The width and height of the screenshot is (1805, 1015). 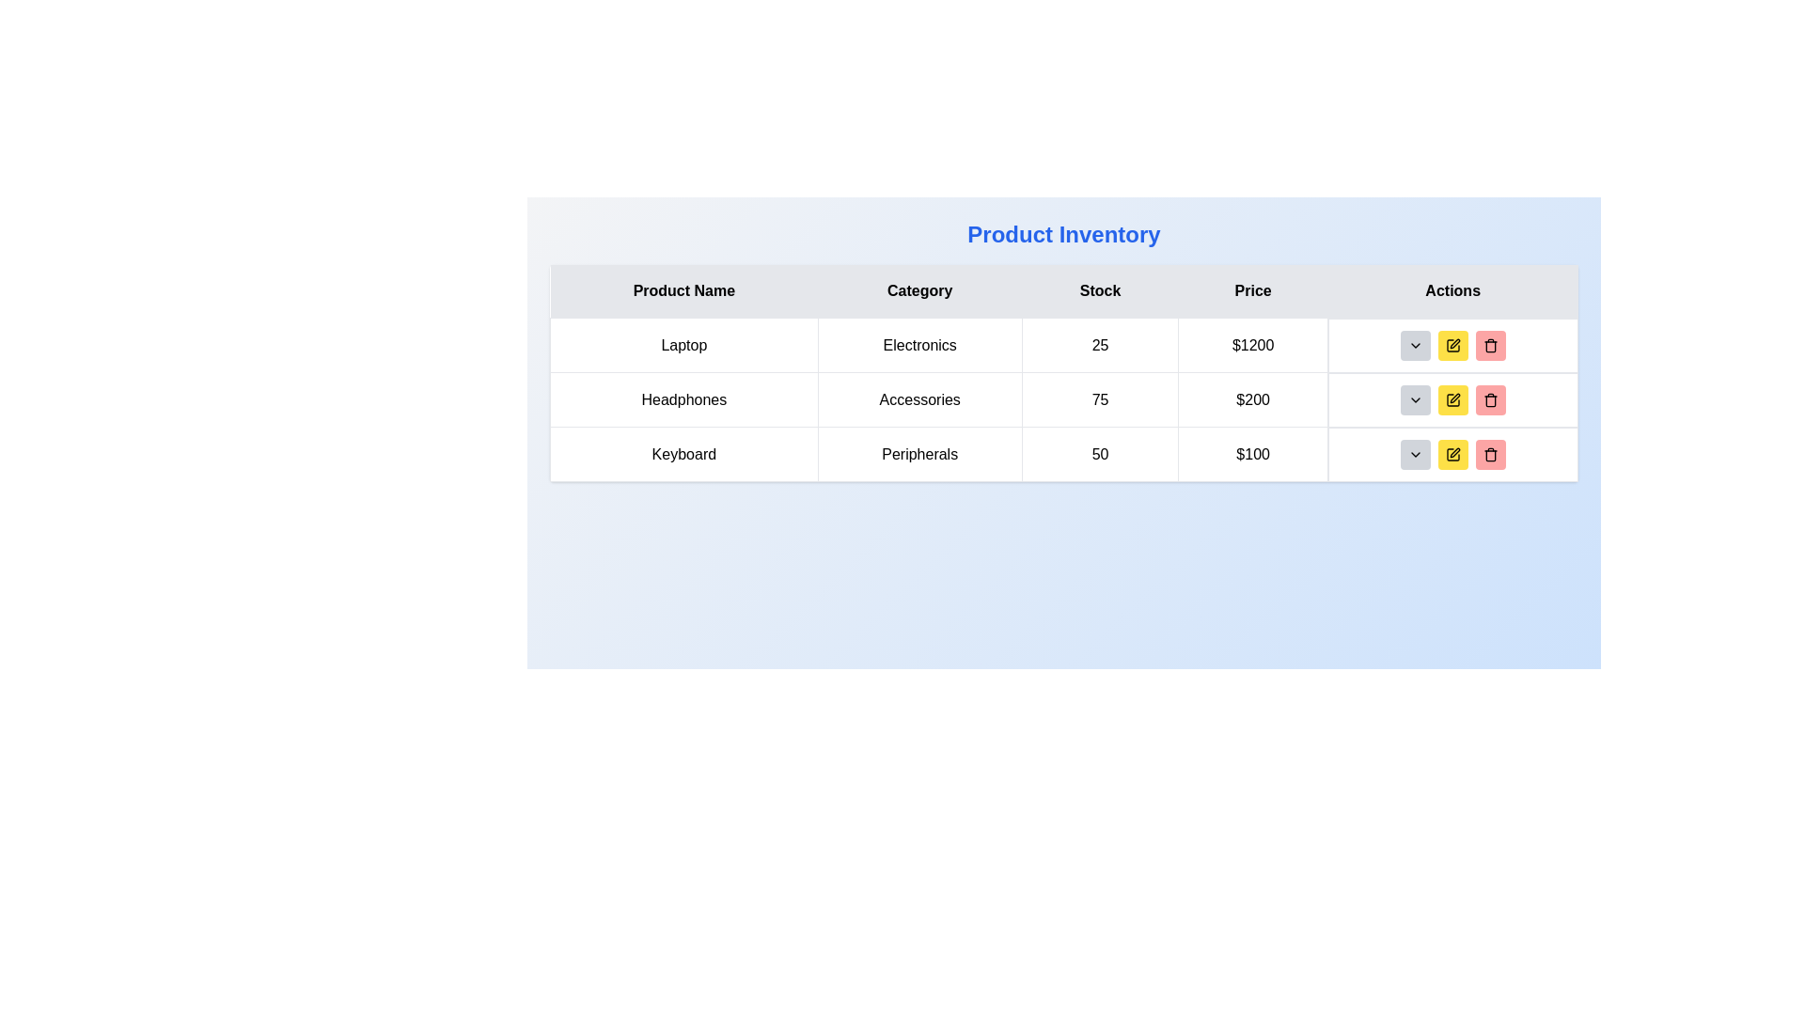 I want to click on the edit icon represented by a pen shape within a yellow circle in the 'Actions' column of the third row of the table, so click(x=1453, y=397).